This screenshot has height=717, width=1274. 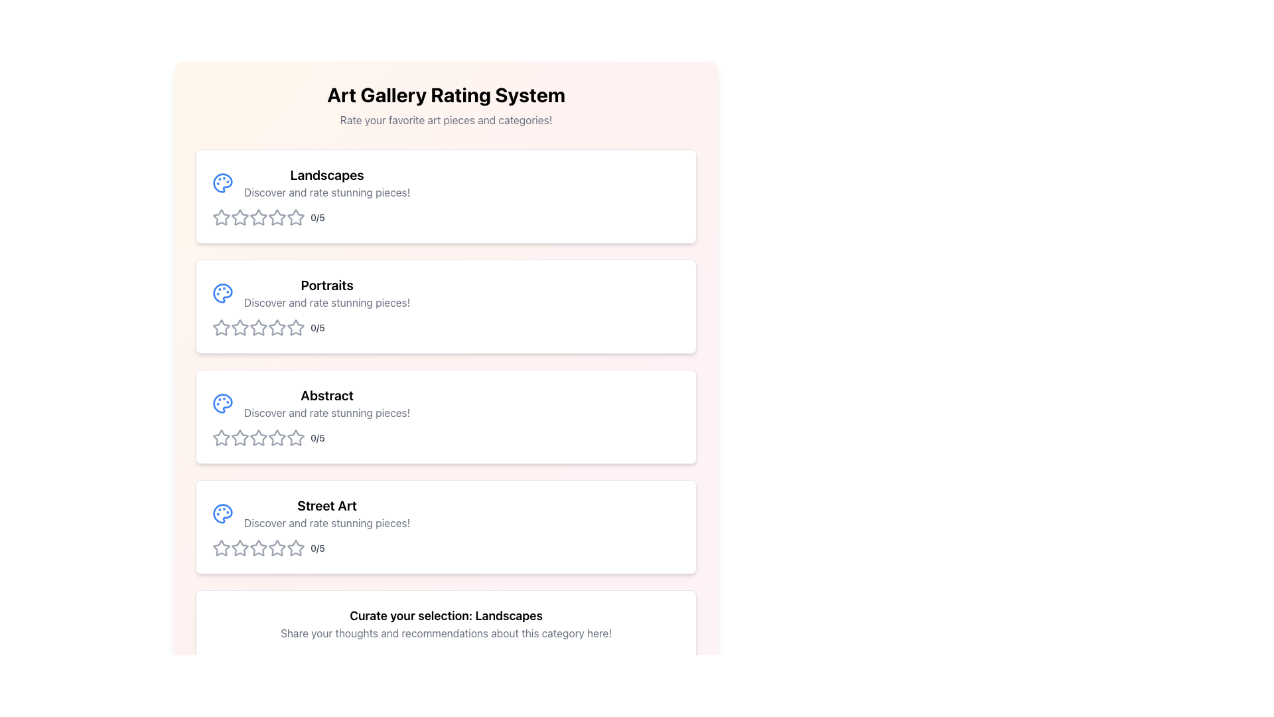 I want to click on the fourth star icon in the Landscapes rating section to rate, so click(x=258, y=216).